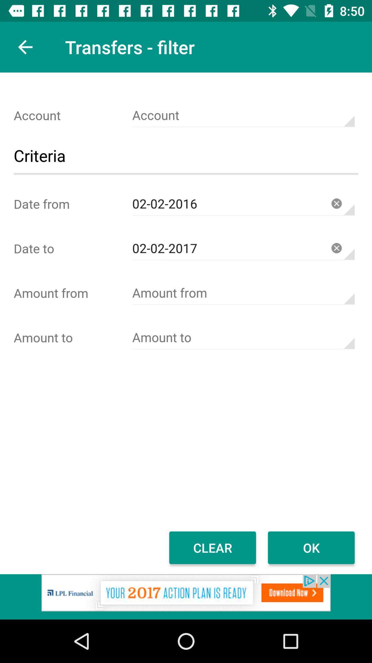  Describe the element at coordinates (243, 337) in the screenshot. I see `form field to` at that location.